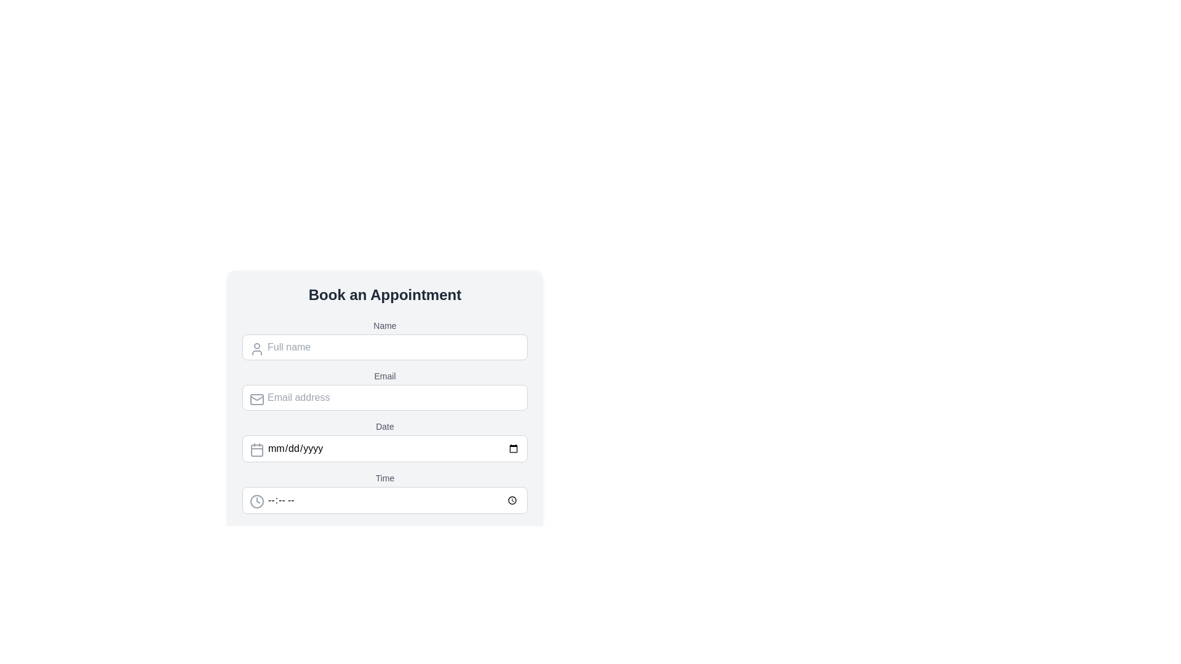 The height and width of the screenshot is (664, 1181). Describe the element at coordinates (256, 398) in the screenshot. I see `the slanted envelope line detail within the SVG icon that is part of the 'Email' input field, located in the upper-left section of the input field` at that location.